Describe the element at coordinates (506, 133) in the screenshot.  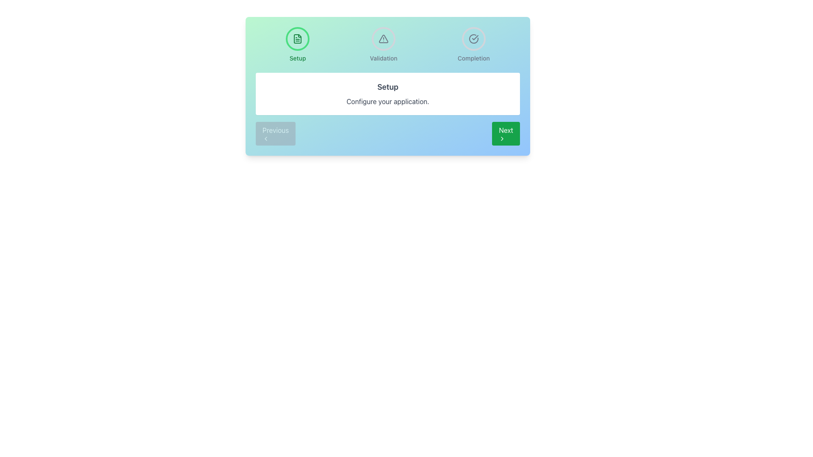
I see `the navigation button located at the bottom-right of a blue-gradient card-like area by using keyboard commands for accessibility` at that location.